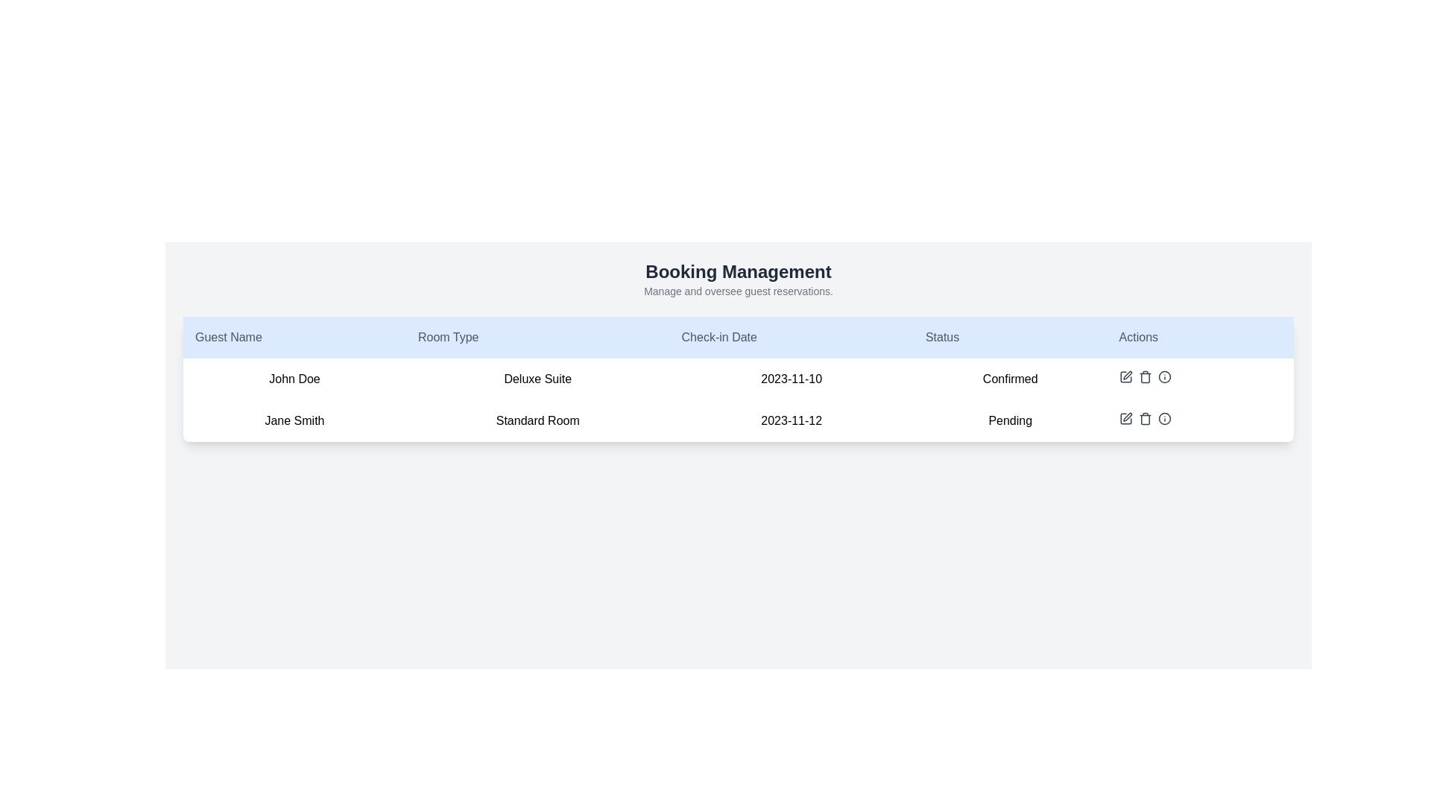 The image size is (1431, 805). I want to click on the date entry element displaying '2023-11-12' in the table row for 'Jane Smith', so click(791, 420).